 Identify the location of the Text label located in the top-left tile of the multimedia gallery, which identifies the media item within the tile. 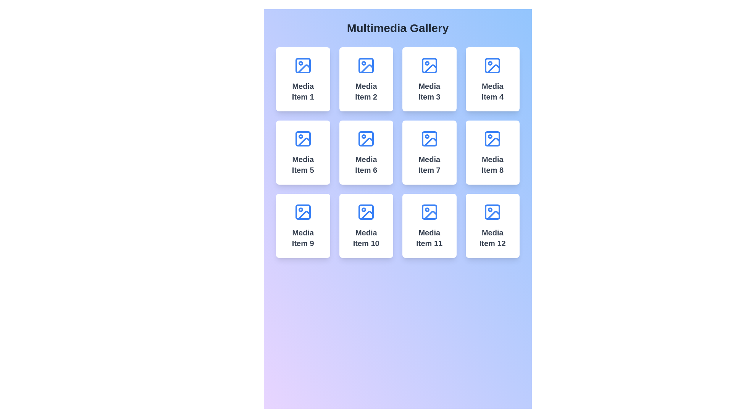
(302, 91).